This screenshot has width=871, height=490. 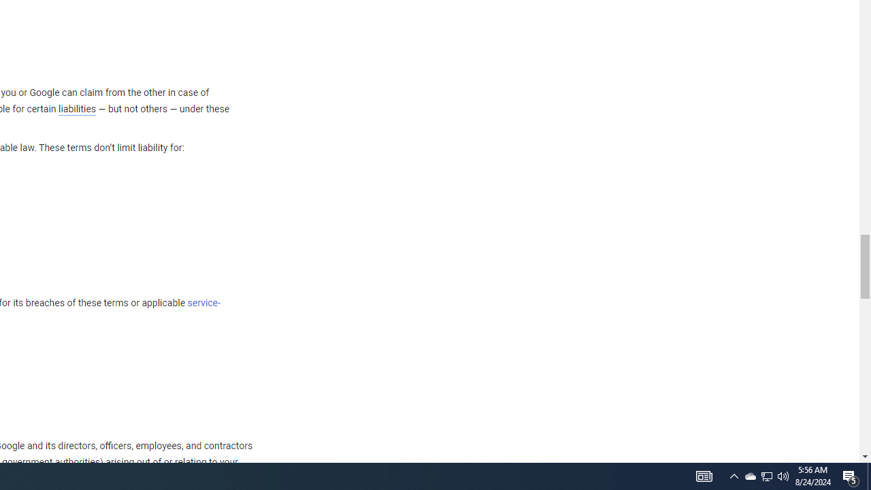 What do you see at coordinates (76, 108) in the screenshot?
I see `'liabilities'` at bounding box center [76, 108].